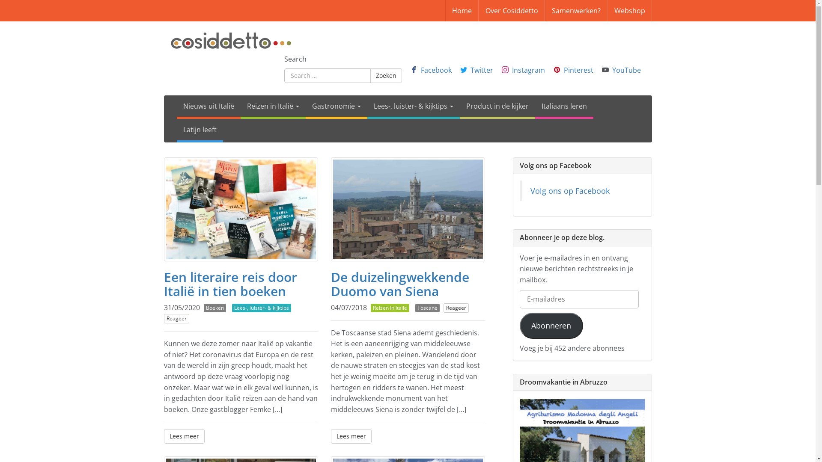 The image size is (822, 462). I want to click on 'Home', so click(462, 10).